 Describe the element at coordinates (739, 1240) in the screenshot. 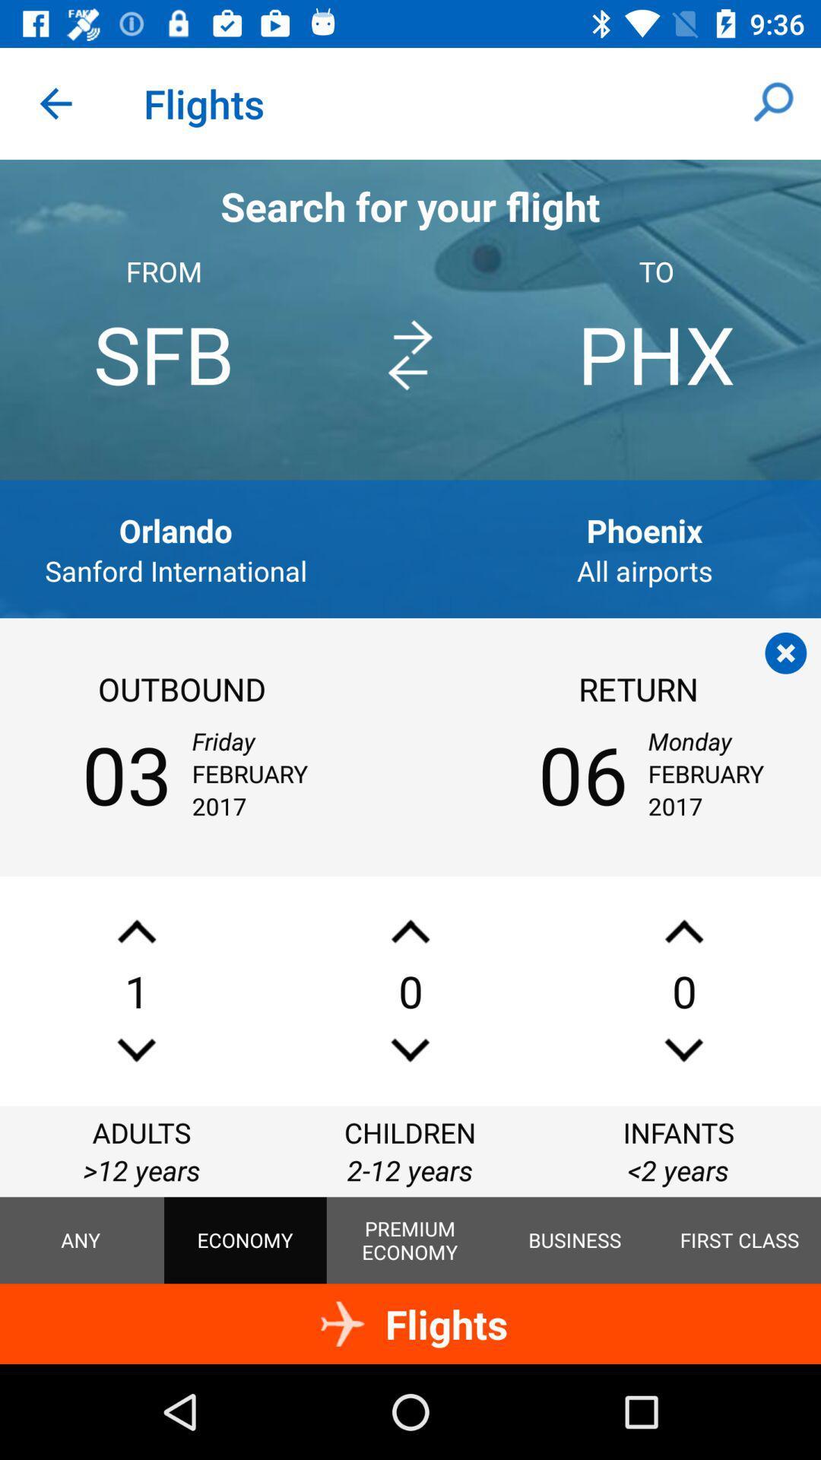

I see `the first class icon` at that location.